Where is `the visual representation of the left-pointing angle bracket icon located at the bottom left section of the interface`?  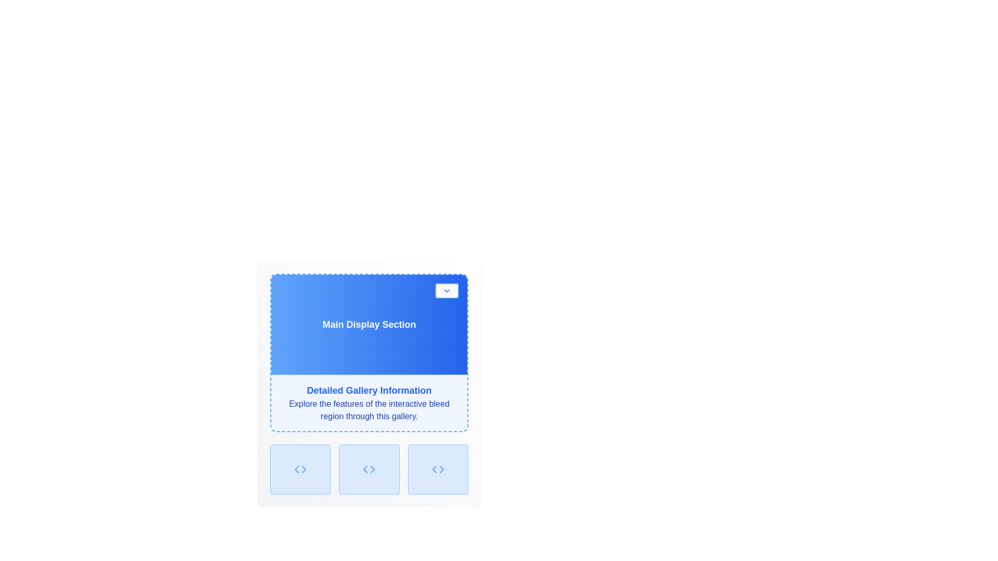 the visual representation of the left-pointing angle bracket icon located at the bottom left section of the interface is located at coordinates (296, 469).